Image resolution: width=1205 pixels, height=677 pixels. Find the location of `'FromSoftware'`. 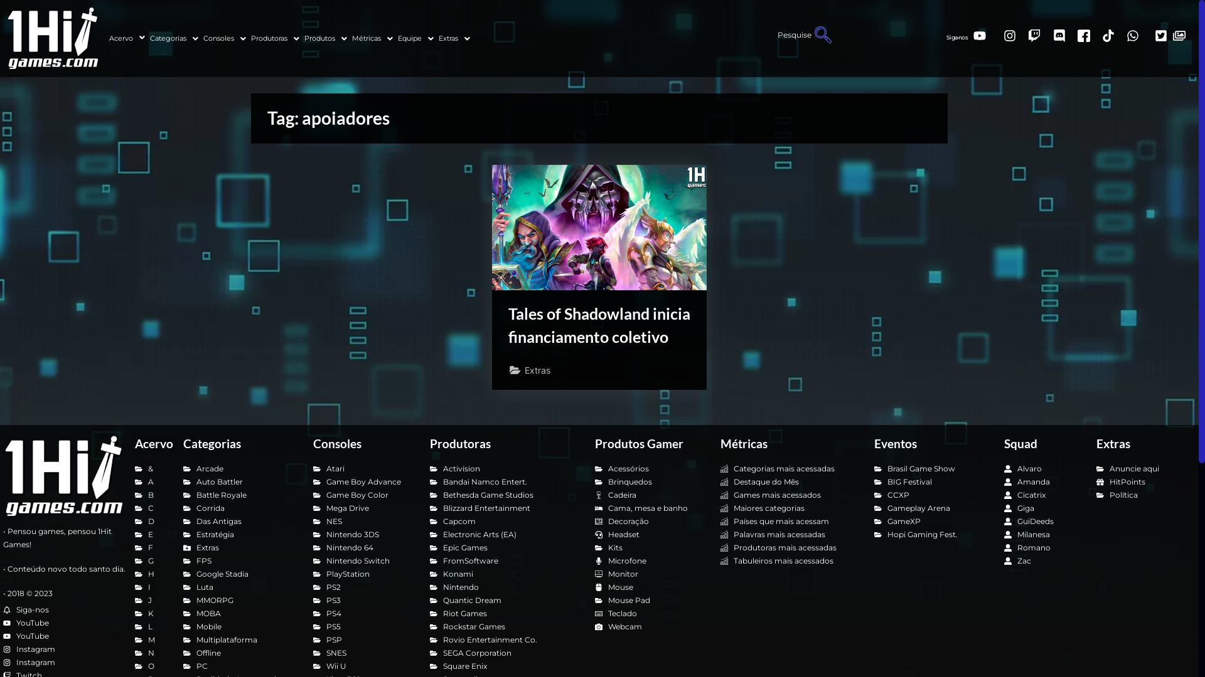

'FromSoftware' is located at coordinates (506, 560).